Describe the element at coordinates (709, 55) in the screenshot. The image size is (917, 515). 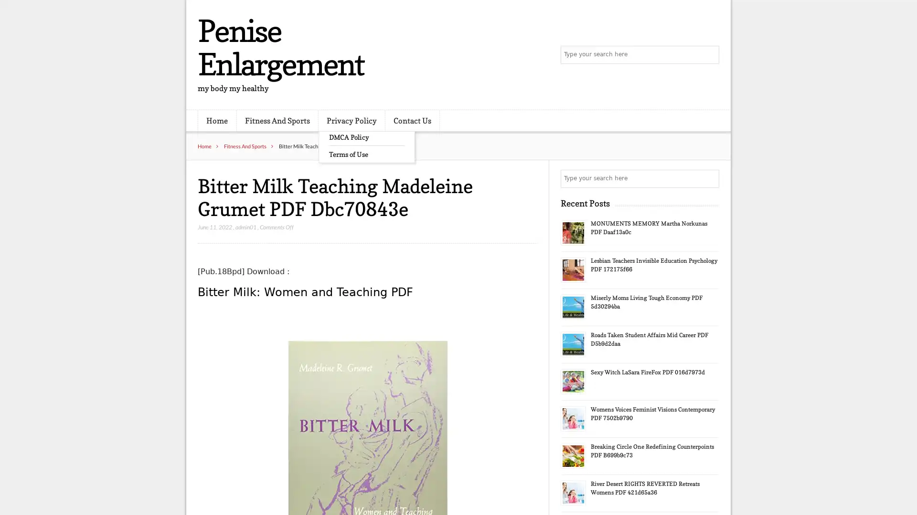
I see `Search` at that location.